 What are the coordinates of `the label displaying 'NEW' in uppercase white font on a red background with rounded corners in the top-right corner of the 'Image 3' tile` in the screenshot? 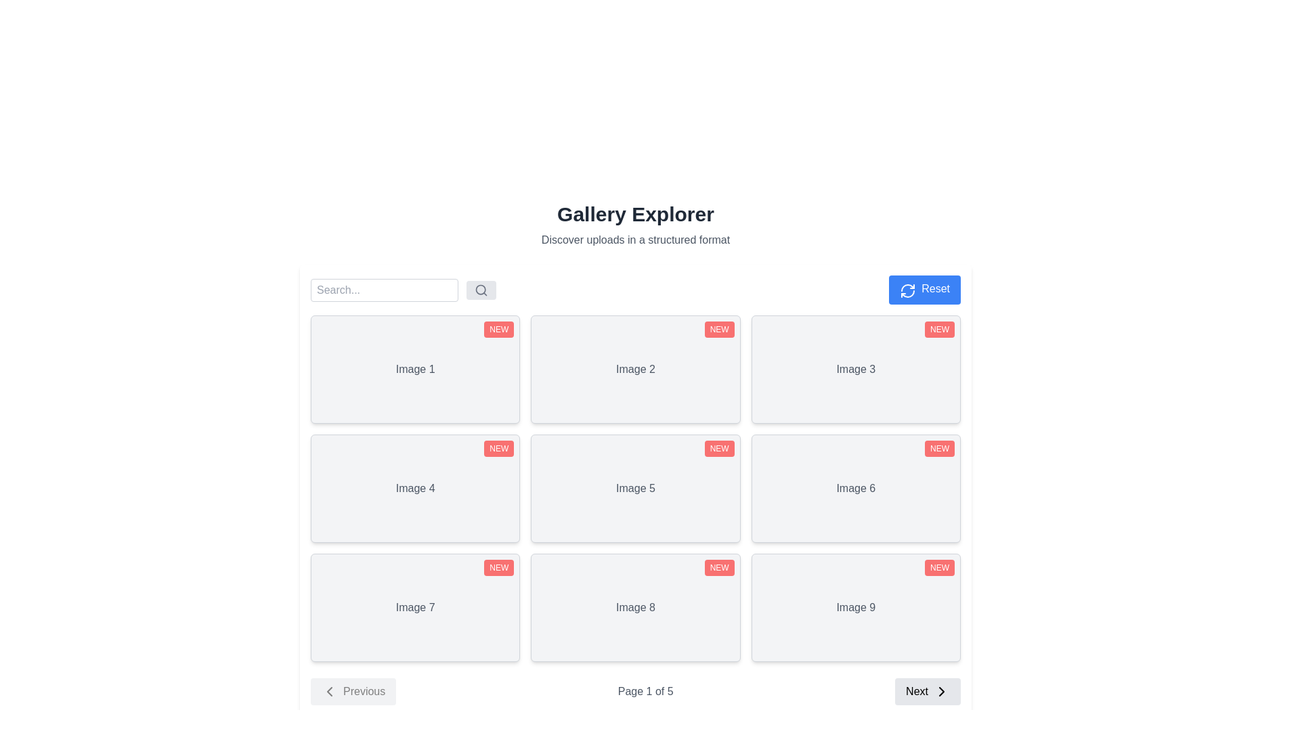 It's located at (938, 329).